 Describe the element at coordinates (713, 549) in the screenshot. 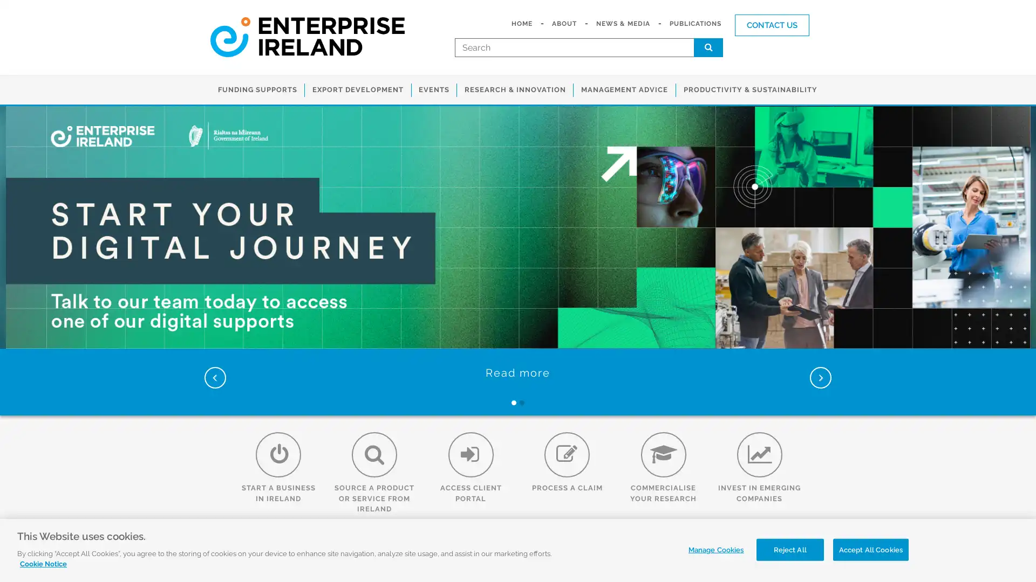

I see `Manage Cookies` at that location.